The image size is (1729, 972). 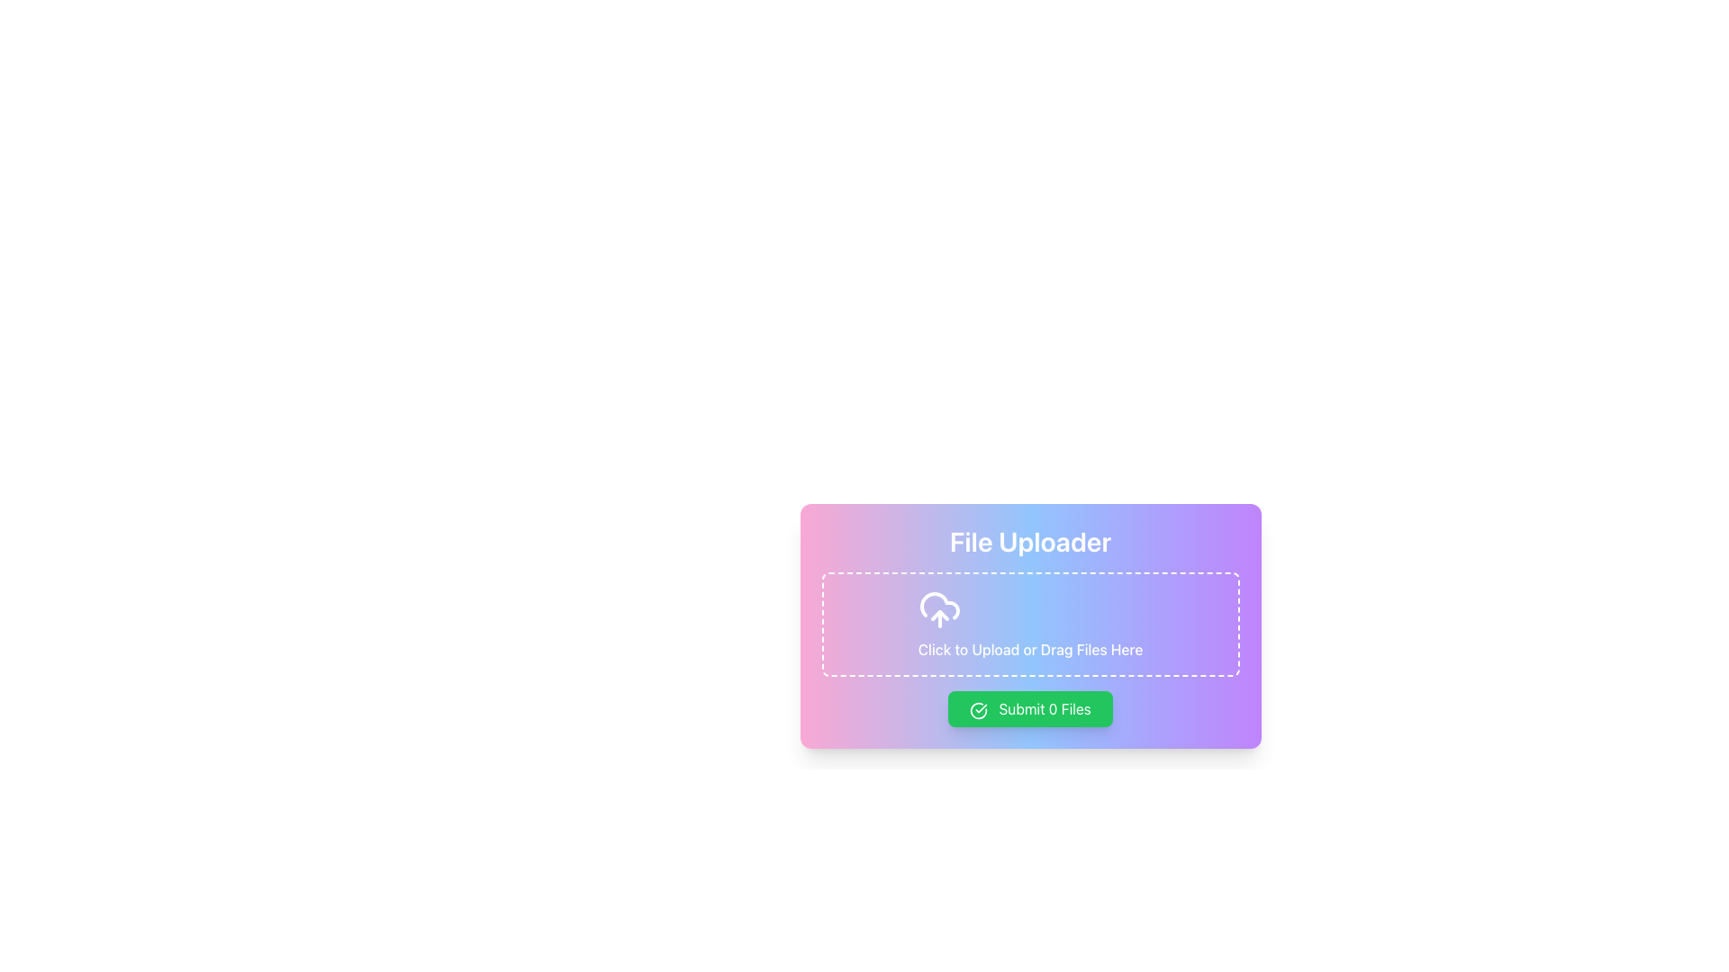 I want to click on the central upload icon in the file uploader interface, which symbolizes the action of uploading files to cloud storage, so click(x=938, y=606).